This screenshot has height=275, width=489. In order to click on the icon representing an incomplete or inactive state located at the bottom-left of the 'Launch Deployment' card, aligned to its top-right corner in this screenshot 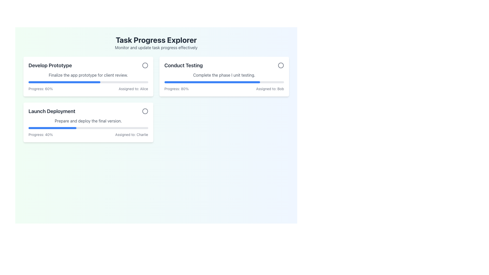, I will do `click(145, 111)`.